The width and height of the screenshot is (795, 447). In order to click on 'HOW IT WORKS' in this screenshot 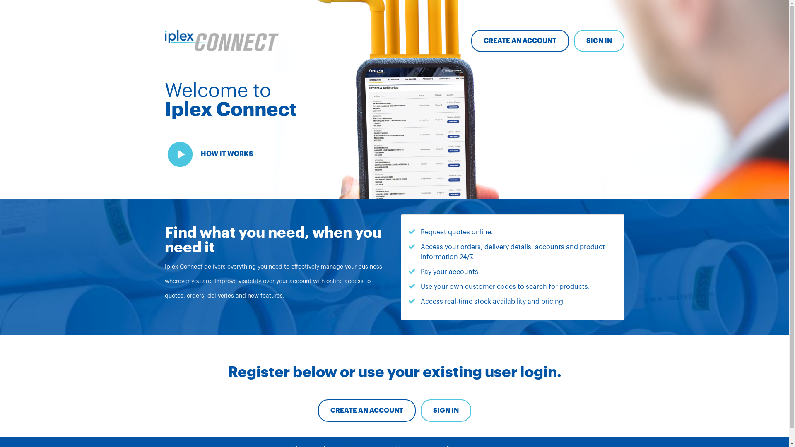, I will do `click(209, 154)`.